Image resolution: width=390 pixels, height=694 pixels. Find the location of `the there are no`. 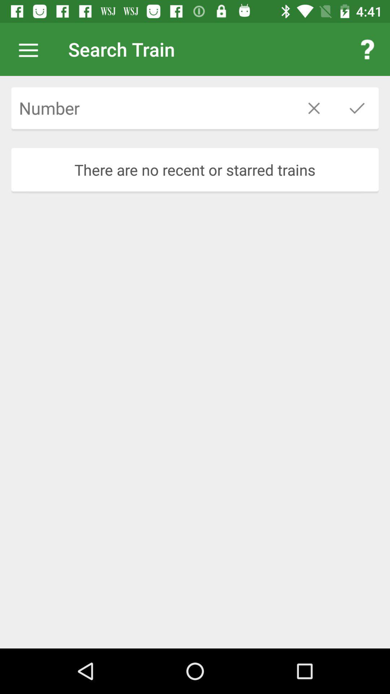

the there are no is located at coordinates (195, 169).